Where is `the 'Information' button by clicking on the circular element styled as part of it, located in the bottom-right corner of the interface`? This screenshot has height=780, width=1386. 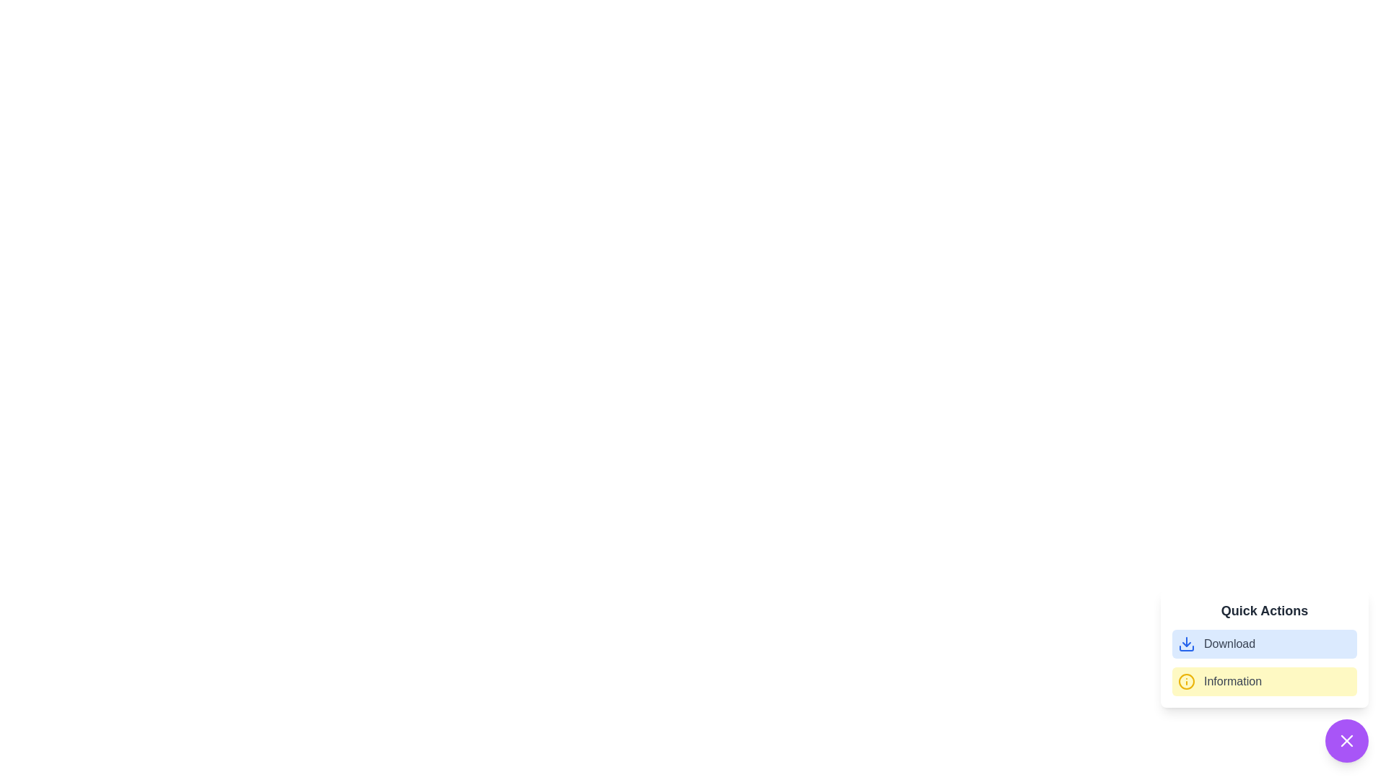 the 'Information' button by clicking on the circular element styled as part of it, located in the bottom-right corner of the interface is located at coordinates (1186, 682).